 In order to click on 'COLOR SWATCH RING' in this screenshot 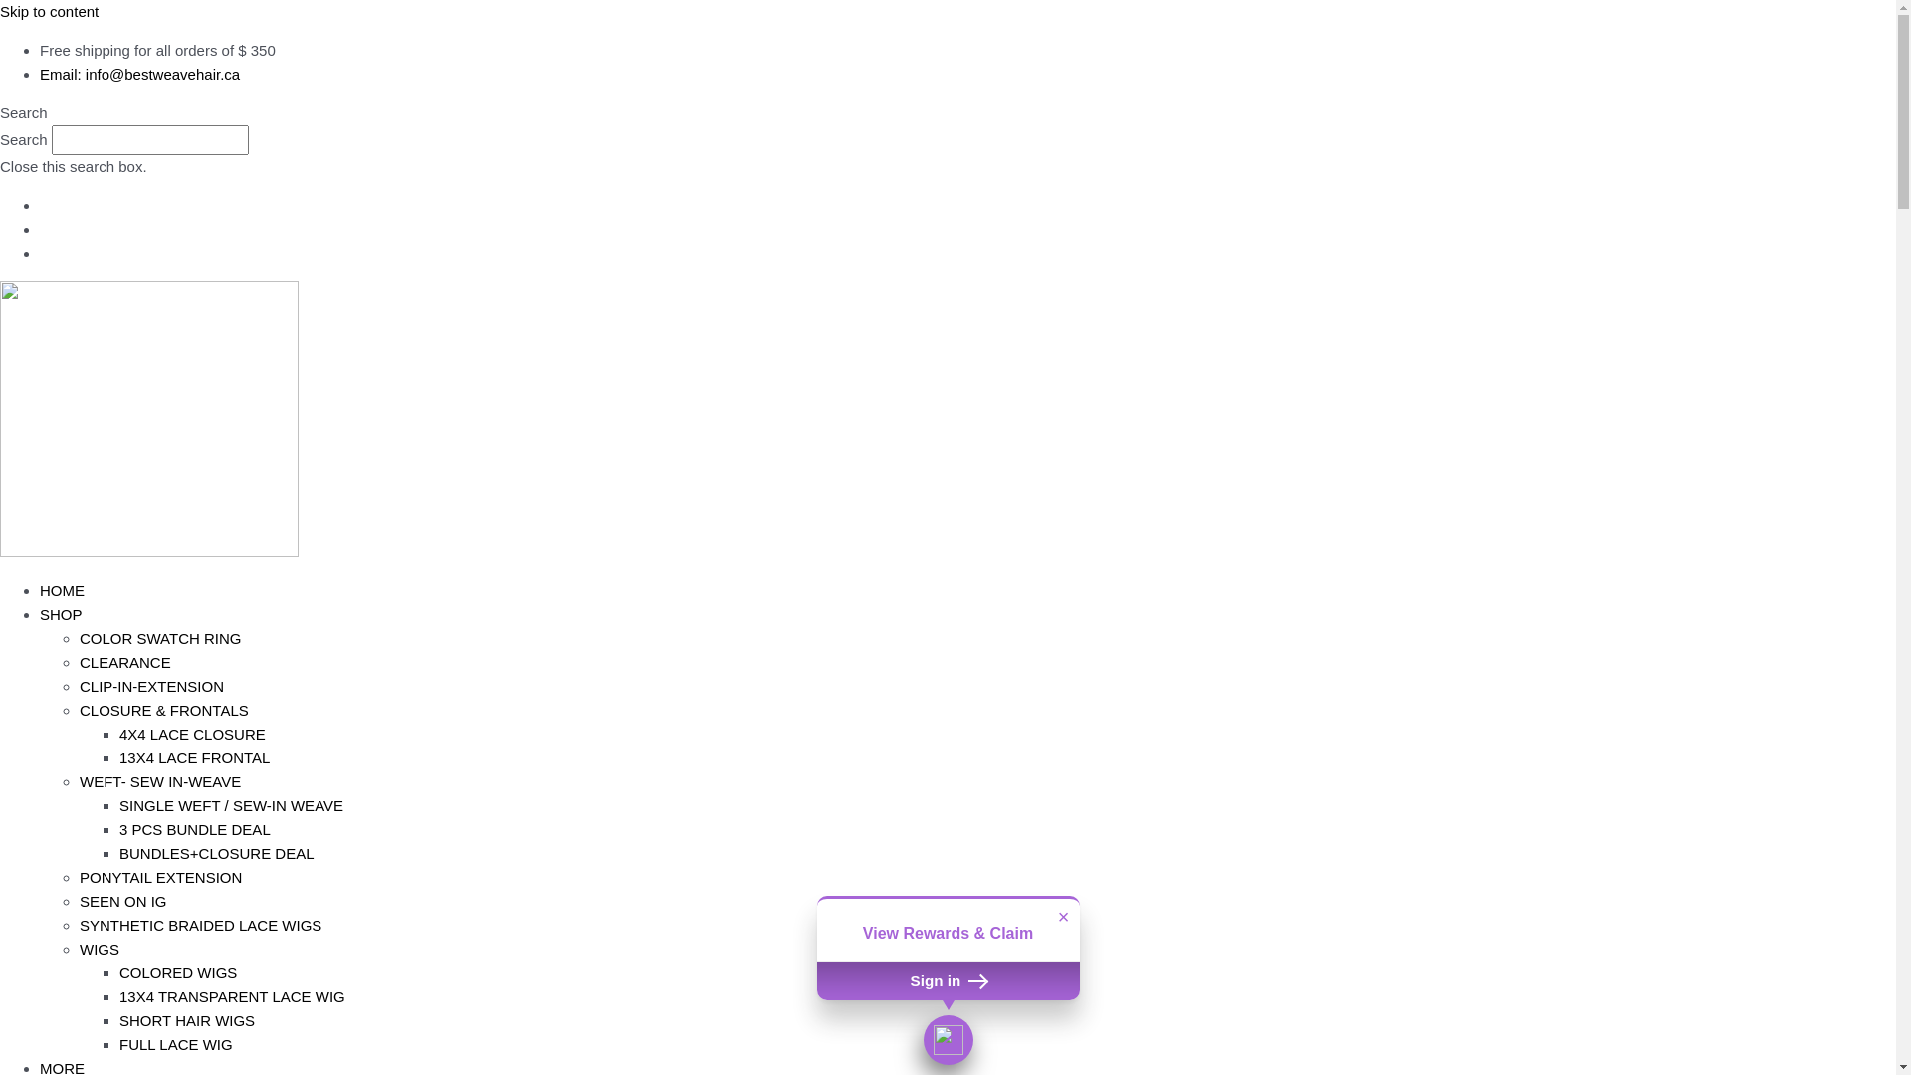, I will do `click(80, 638)`.